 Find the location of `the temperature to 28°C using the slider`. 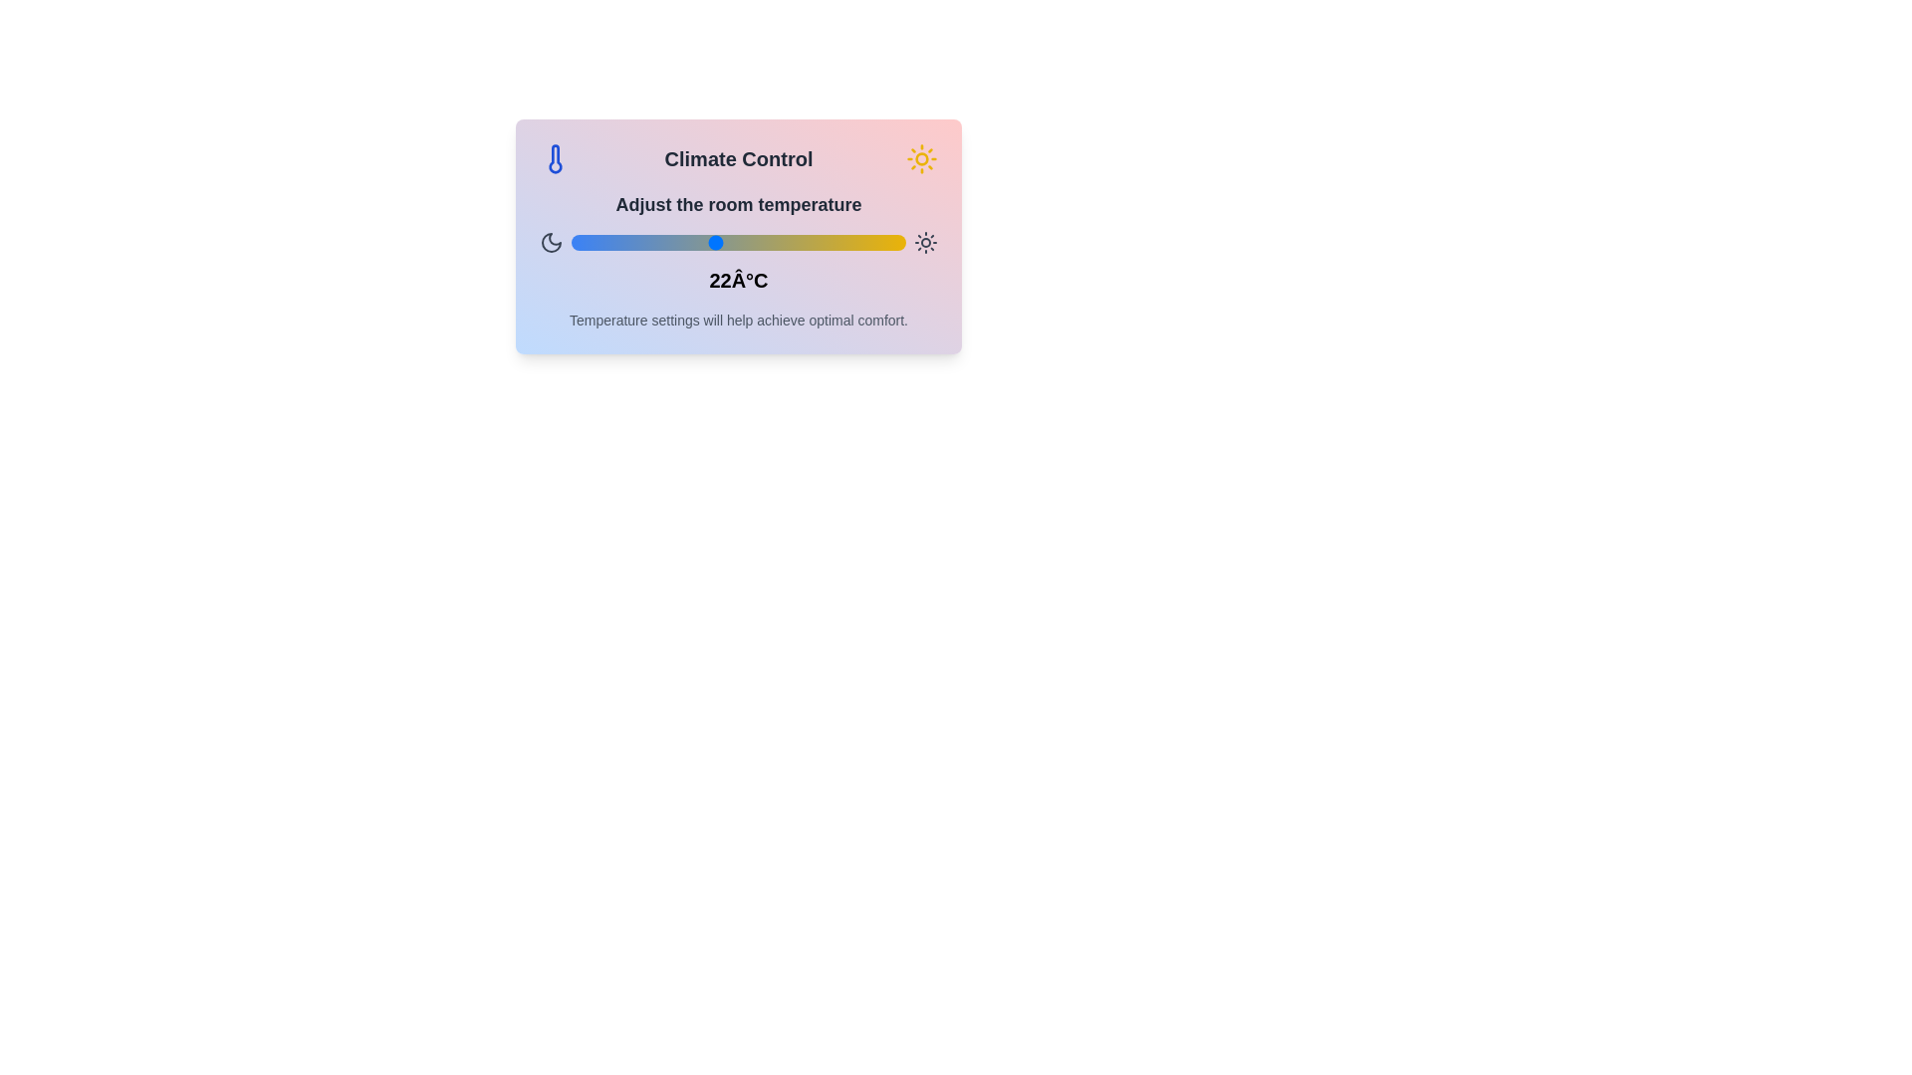

the temperature to 28°C using the slider is located at coordinates (858, 241).